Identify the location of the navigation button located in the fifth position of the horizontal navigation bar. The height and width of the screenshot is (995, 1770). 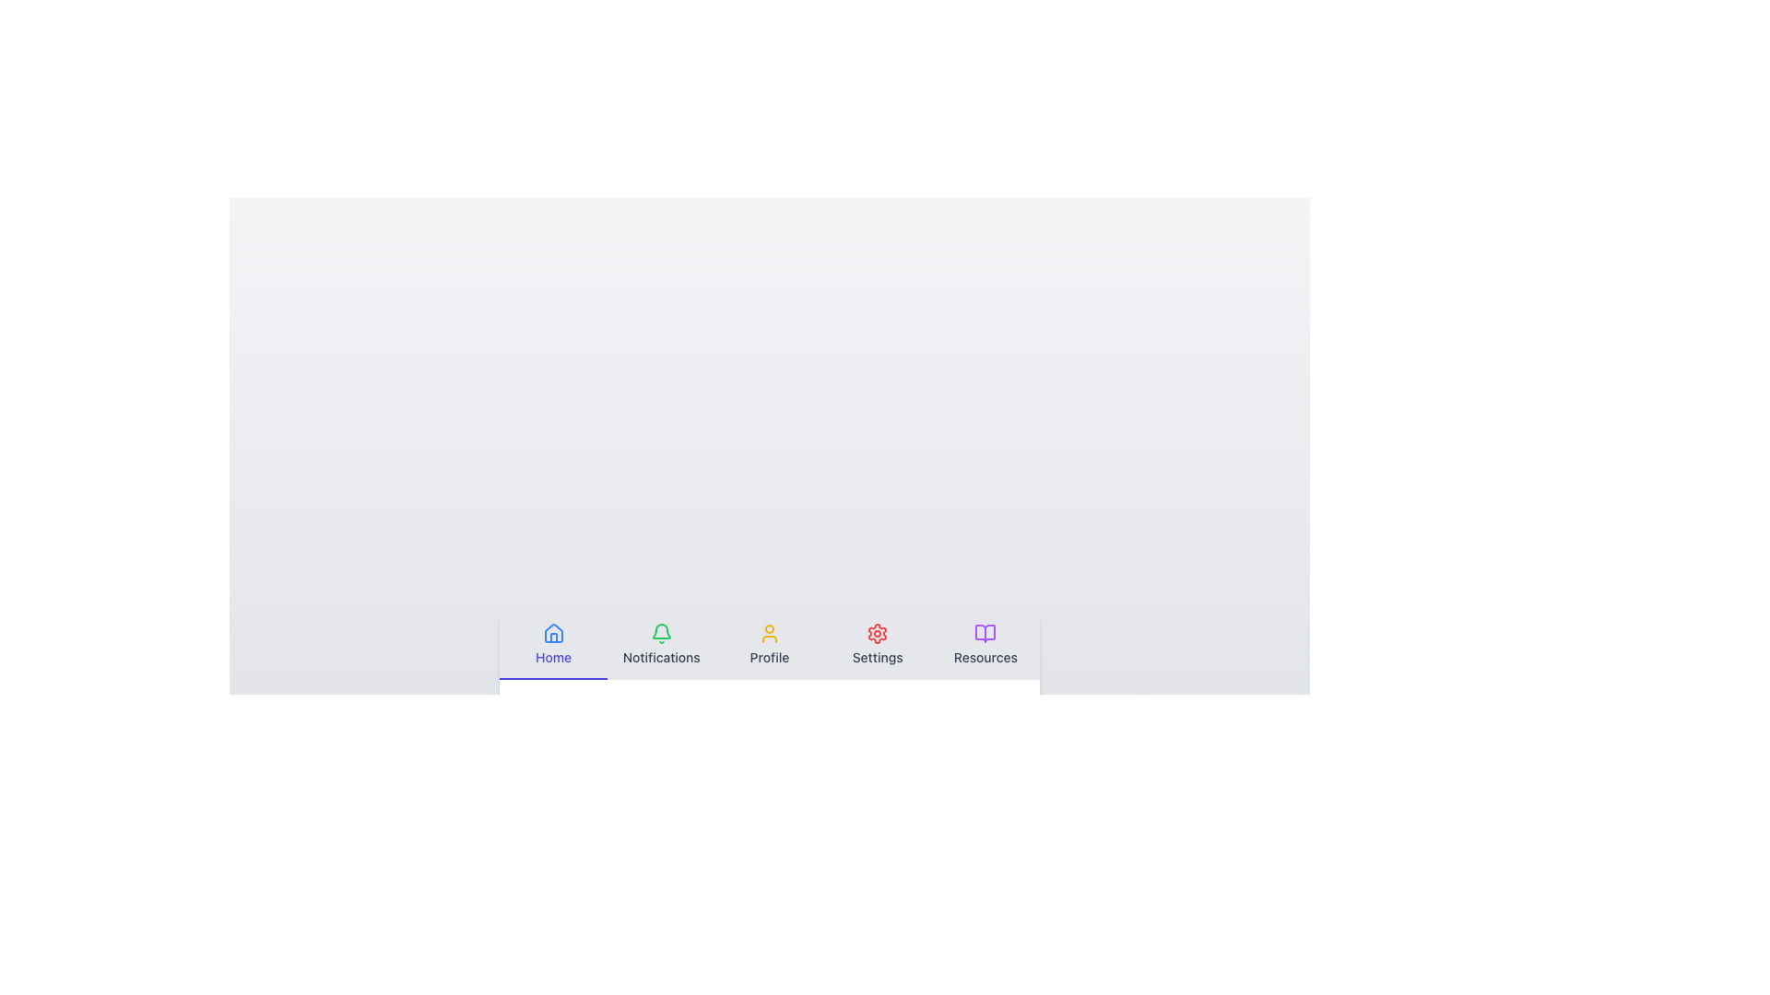
(985, 645).